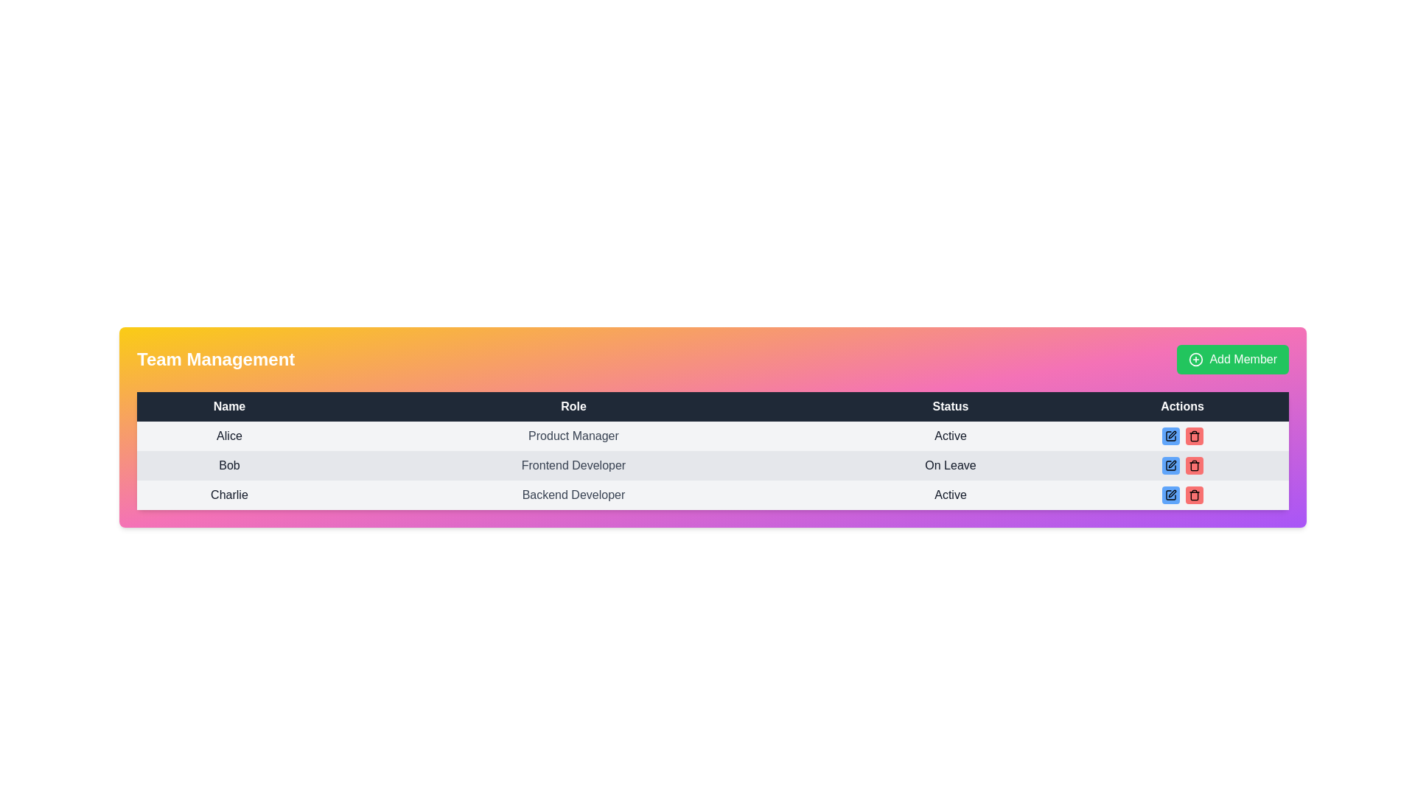 This screenshot has width=1415, height=796. I want to click on the edit icon in the 'Actions' column next to 'Bob' in the 'Frontend Developer' row in the 'Team Management' section, so click(1171, 463).